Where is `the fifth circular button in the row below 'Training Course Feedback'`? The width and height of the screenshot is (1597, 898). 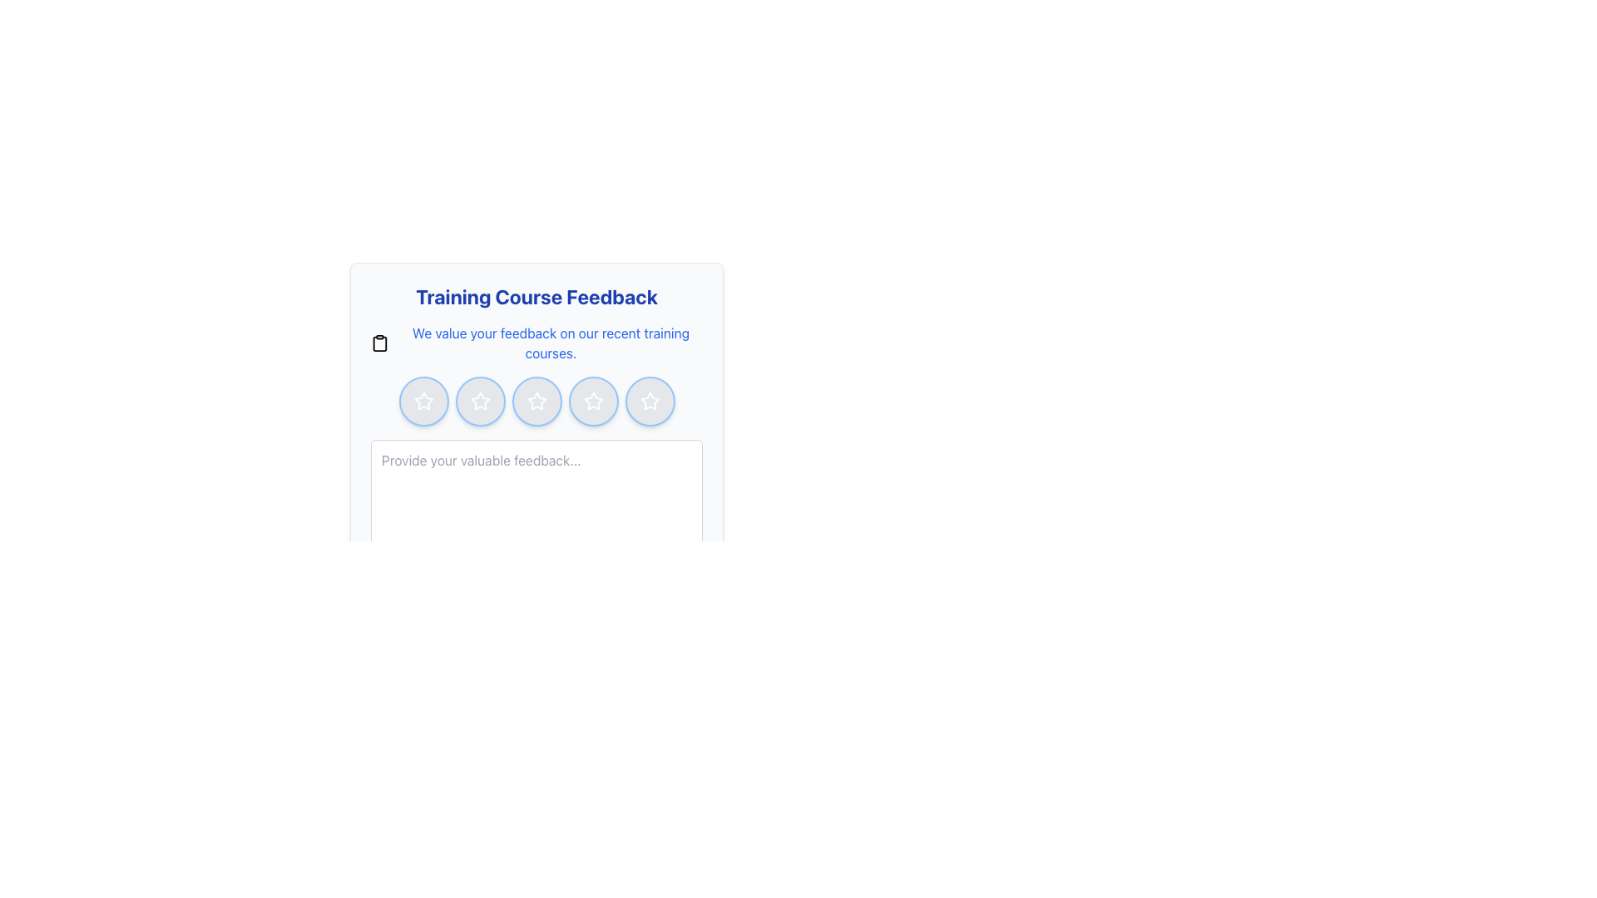 the fifth circular button in the row below 'Training Course Feedback' is located at coordinates (649, 401).